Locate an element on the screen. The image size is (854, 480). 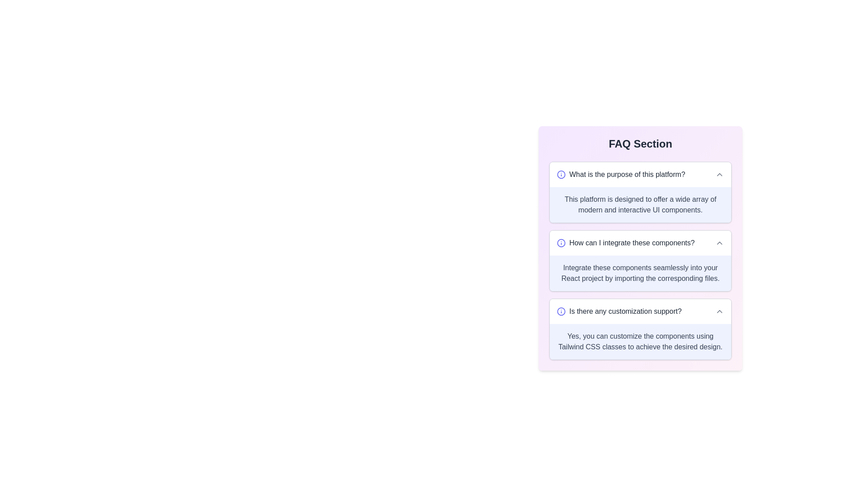
the third FAQ section header which toggles the visibility of additional information is located at coordinates (640, 311).